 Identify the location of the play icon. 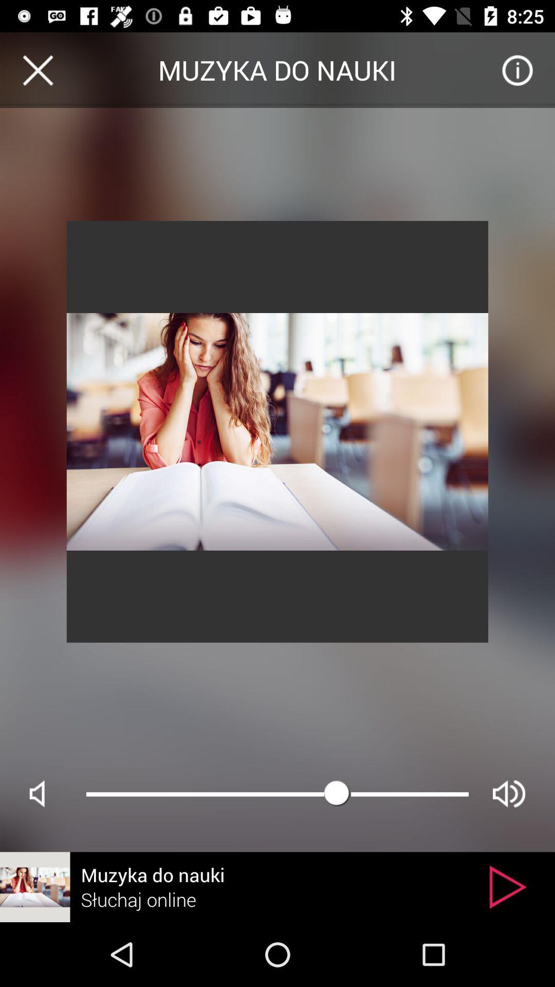
(507, 886).